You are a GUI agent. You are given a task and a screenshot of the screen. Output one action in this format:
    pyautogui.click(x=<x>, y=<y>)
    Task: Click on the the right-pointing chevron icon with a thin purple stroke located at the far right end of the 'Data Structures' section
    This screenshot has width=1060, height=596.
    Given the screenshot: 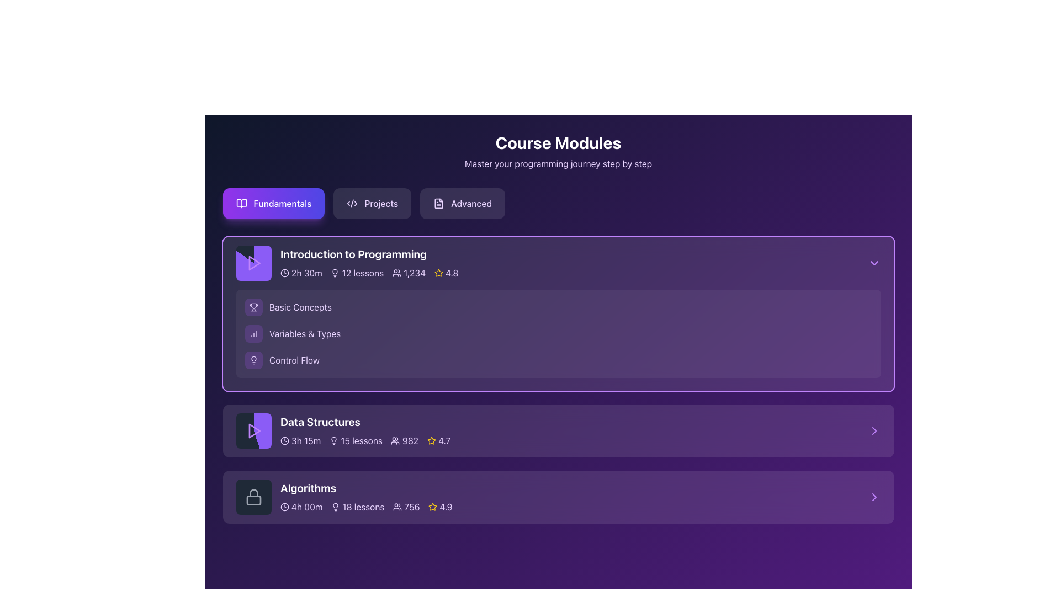 What is the action you would take?
    pyautogui.click(x=873, y=430)
    